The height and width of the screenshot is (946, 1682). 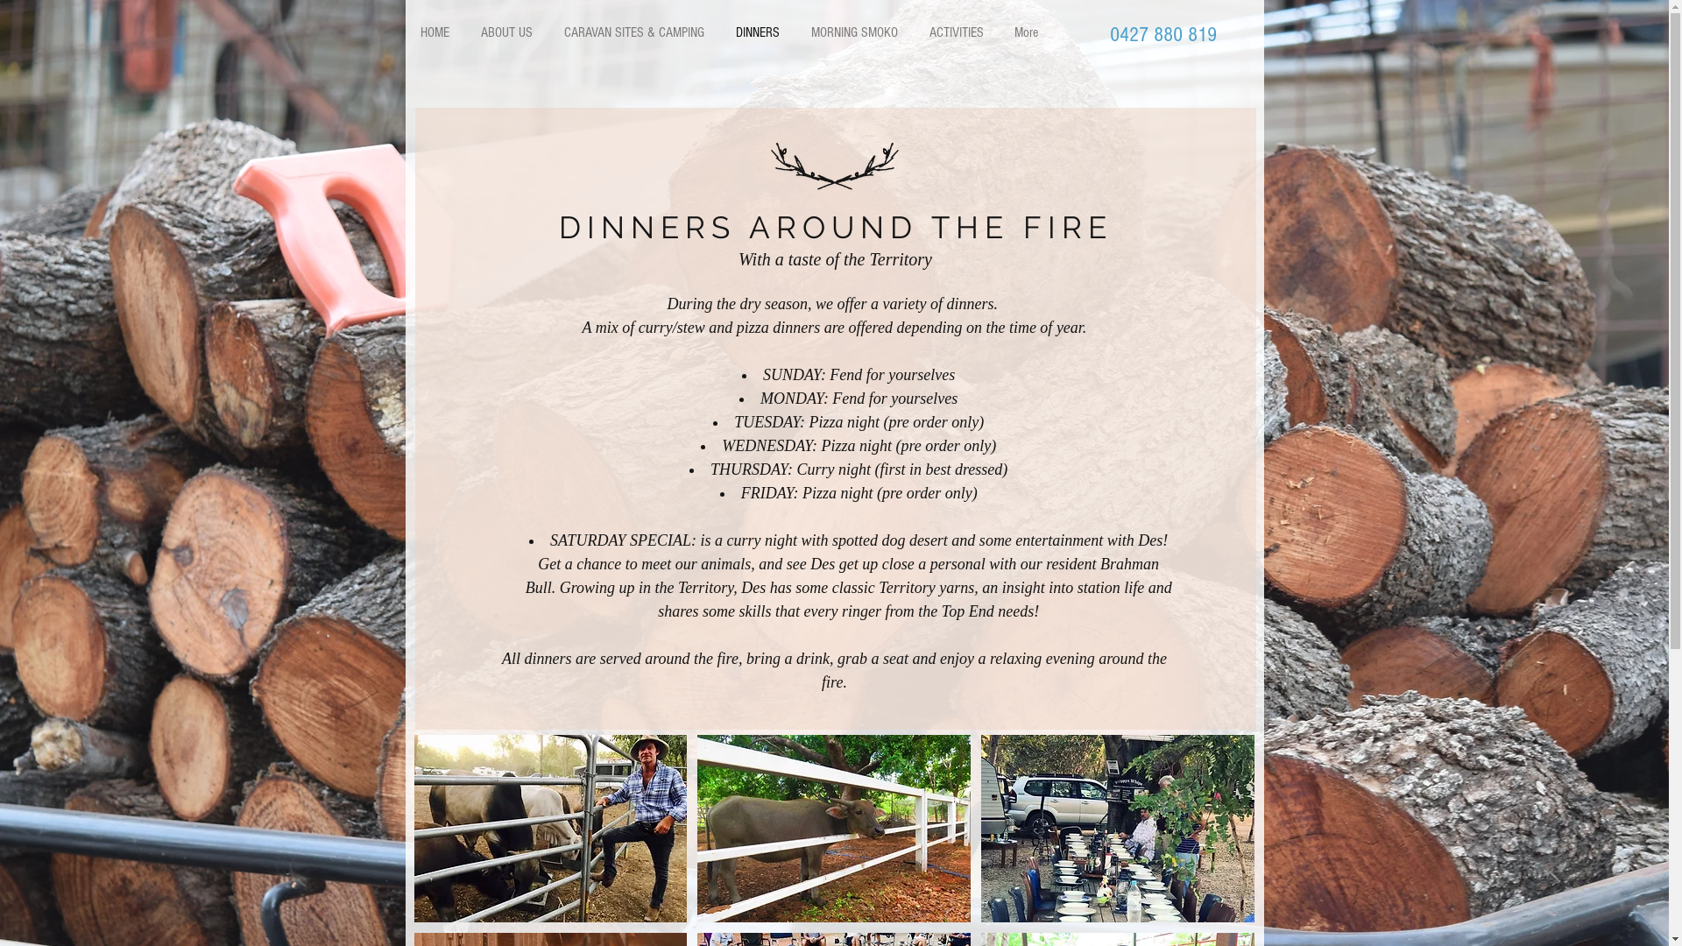 What do you see at coordinates (547, 32) in the screenshot?
I see `'CARAVAN SITES & CAMPING'` at bounding box center [547, 32].